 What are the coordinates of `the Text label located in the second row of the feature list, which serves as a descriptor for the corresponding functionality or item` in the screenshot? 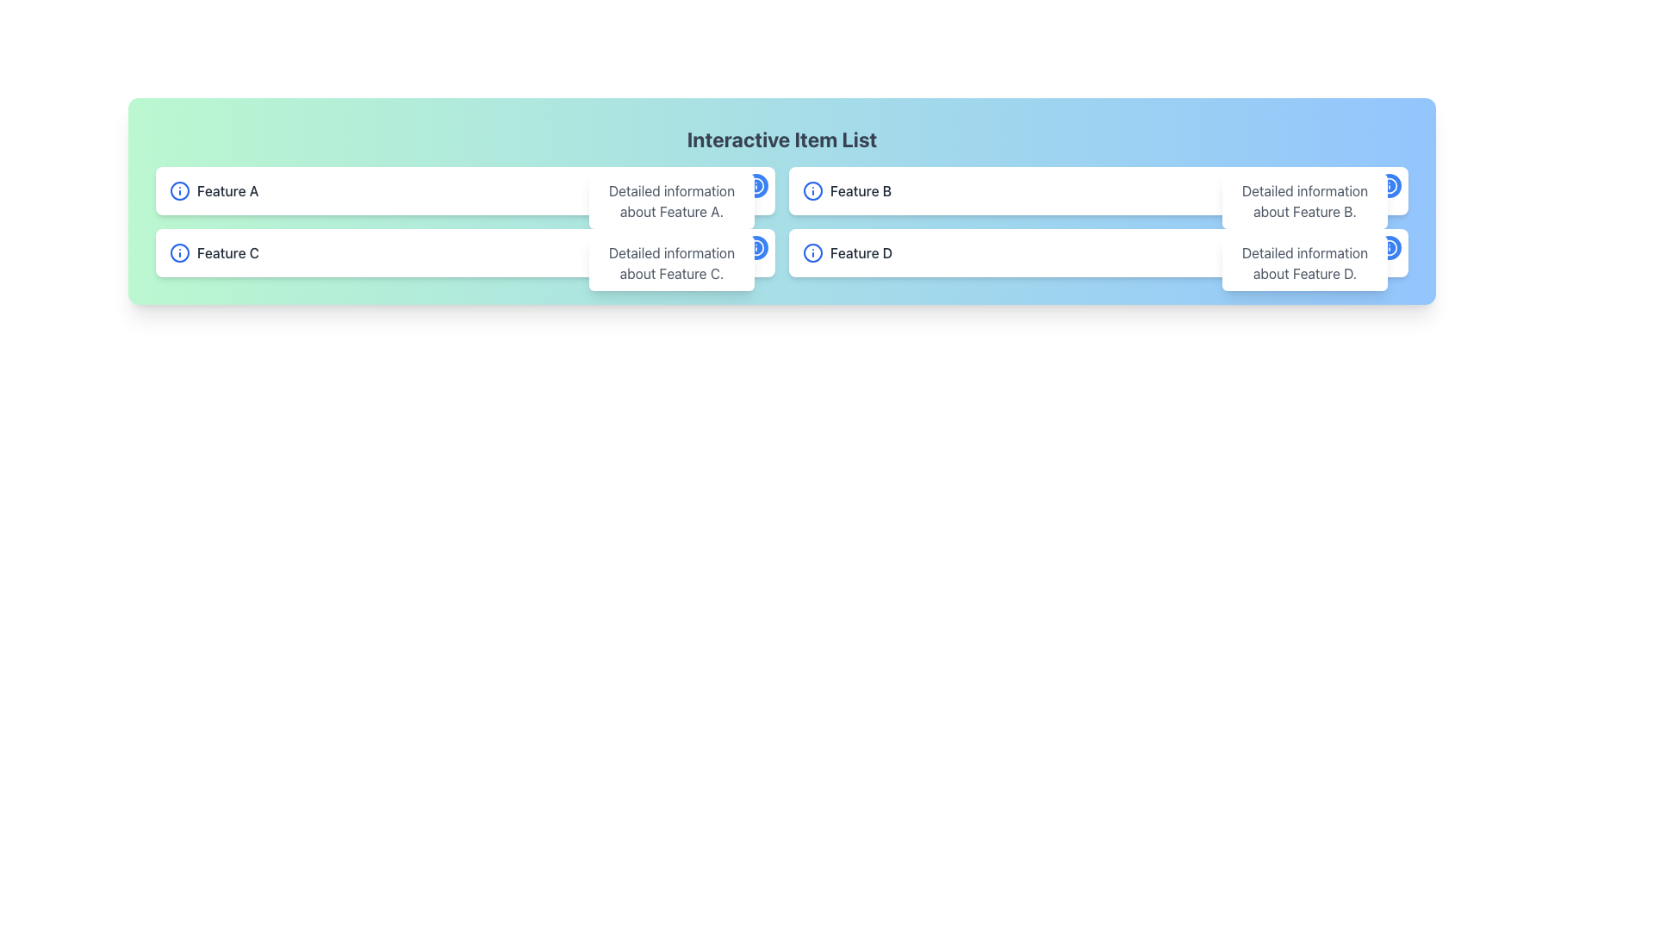 It's located at (861, 191).